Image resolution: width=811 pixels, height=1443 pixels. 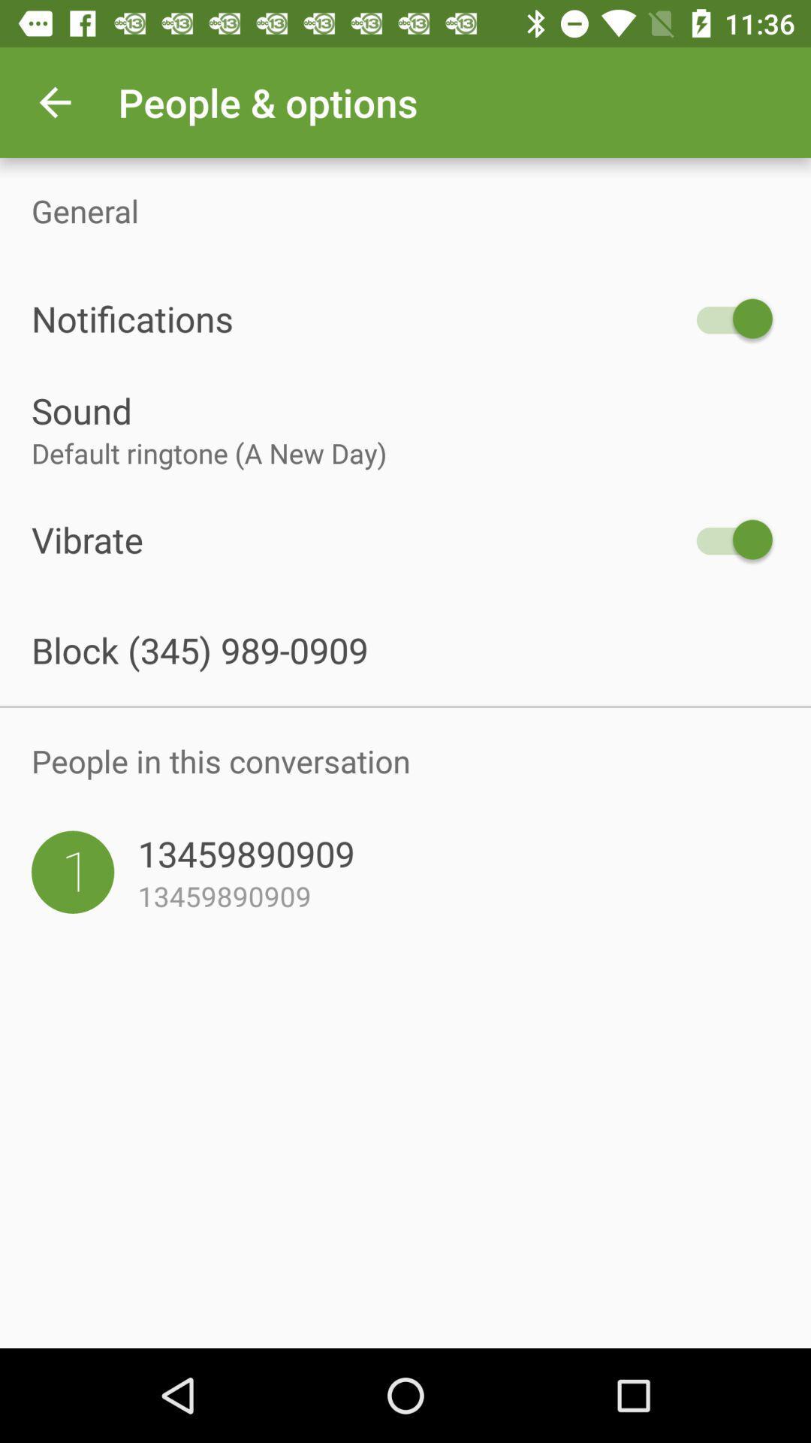 I want to click on icon next to the 13459890909 item, so click(x=73, y=872).